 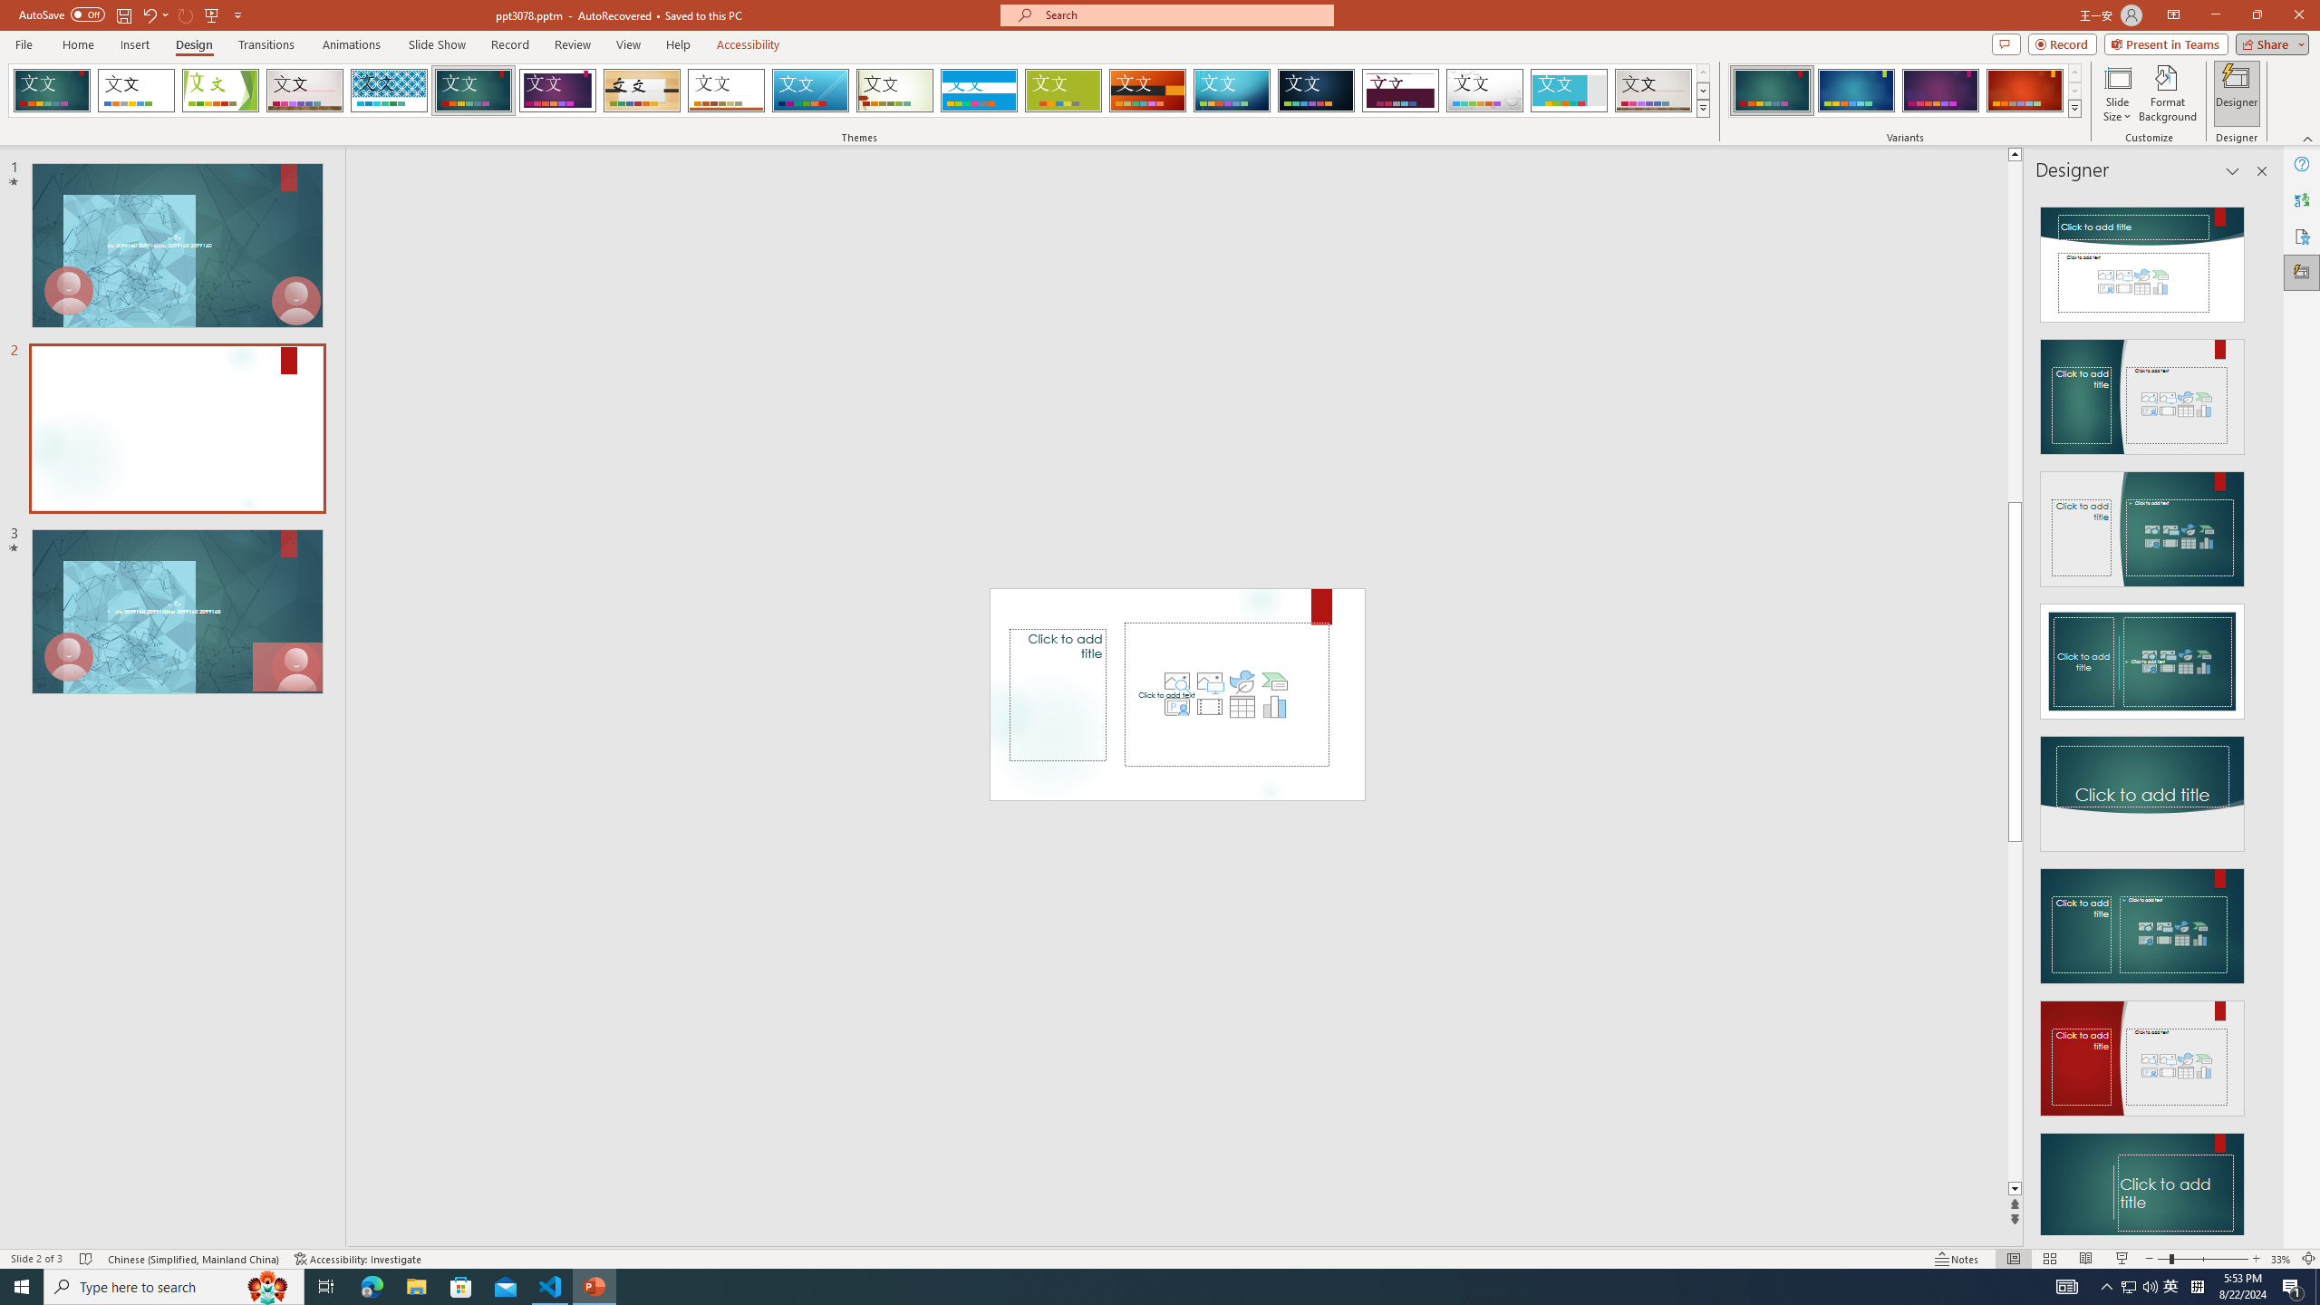 What do you see at coordinates (1771, 90) in the screenshot?
I see `'Ion Variant 1'` at bounding box center [1771, 90].